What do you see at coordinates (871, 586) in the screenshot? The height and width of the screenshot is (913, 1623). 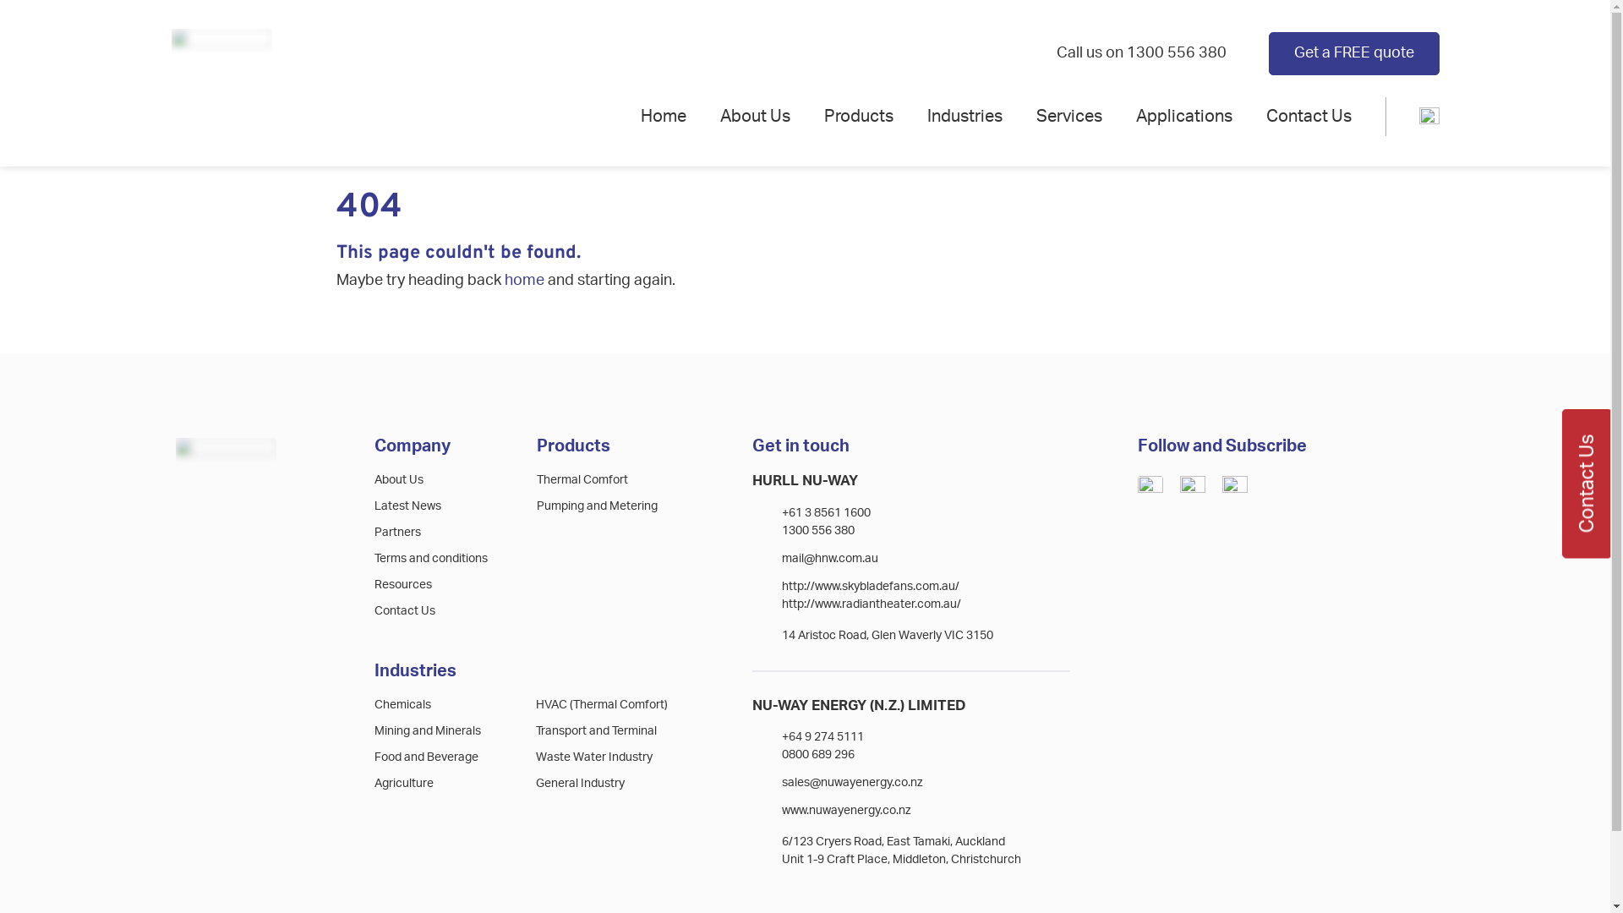 I see `'http://www.skybladefans.com.au/'` at bounding box center [871, 586].